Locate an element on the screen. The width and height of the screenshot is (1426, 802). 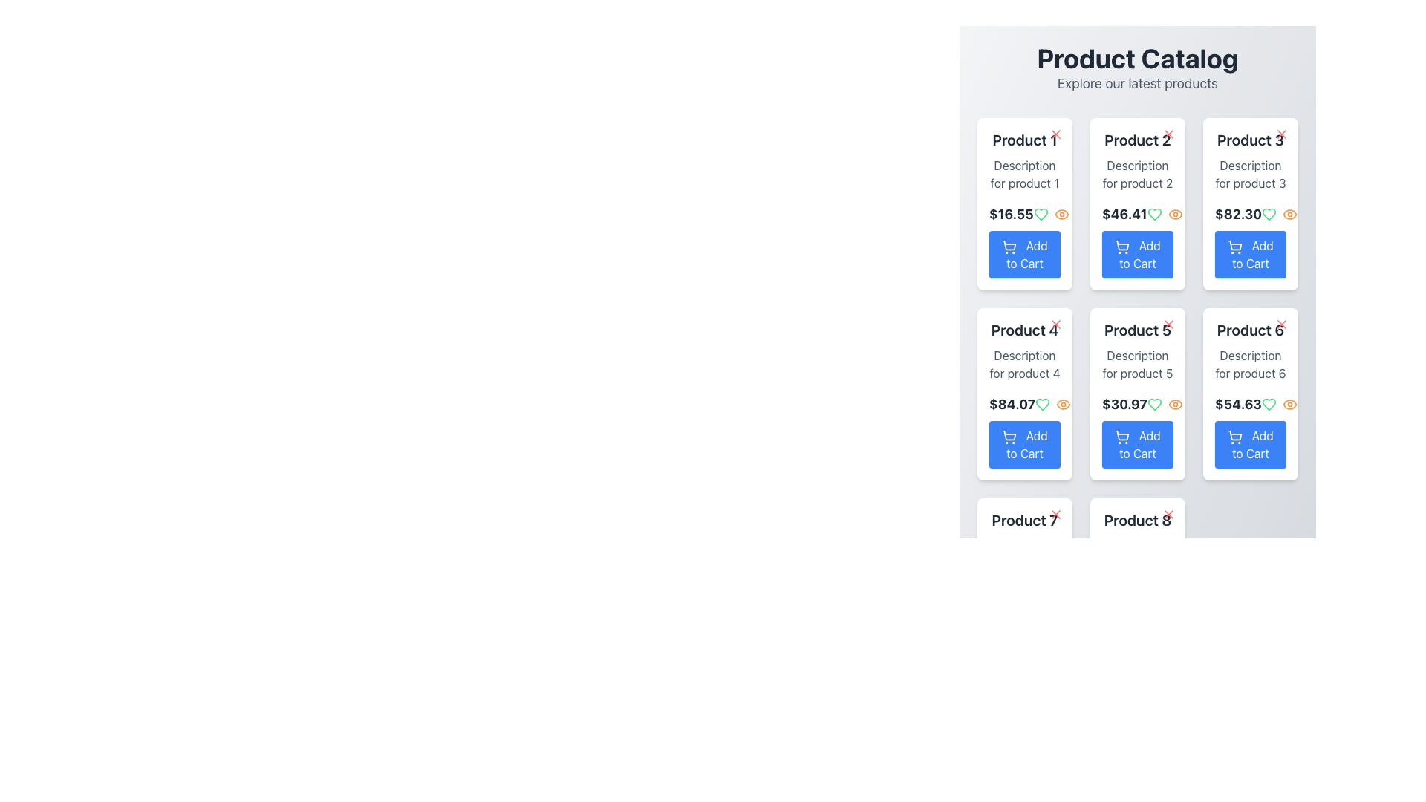
the group of interactive icons for favoriting and viewing product details located in the product card interface, specifically in the second column of the first row is located at coordinates (1164, 215).